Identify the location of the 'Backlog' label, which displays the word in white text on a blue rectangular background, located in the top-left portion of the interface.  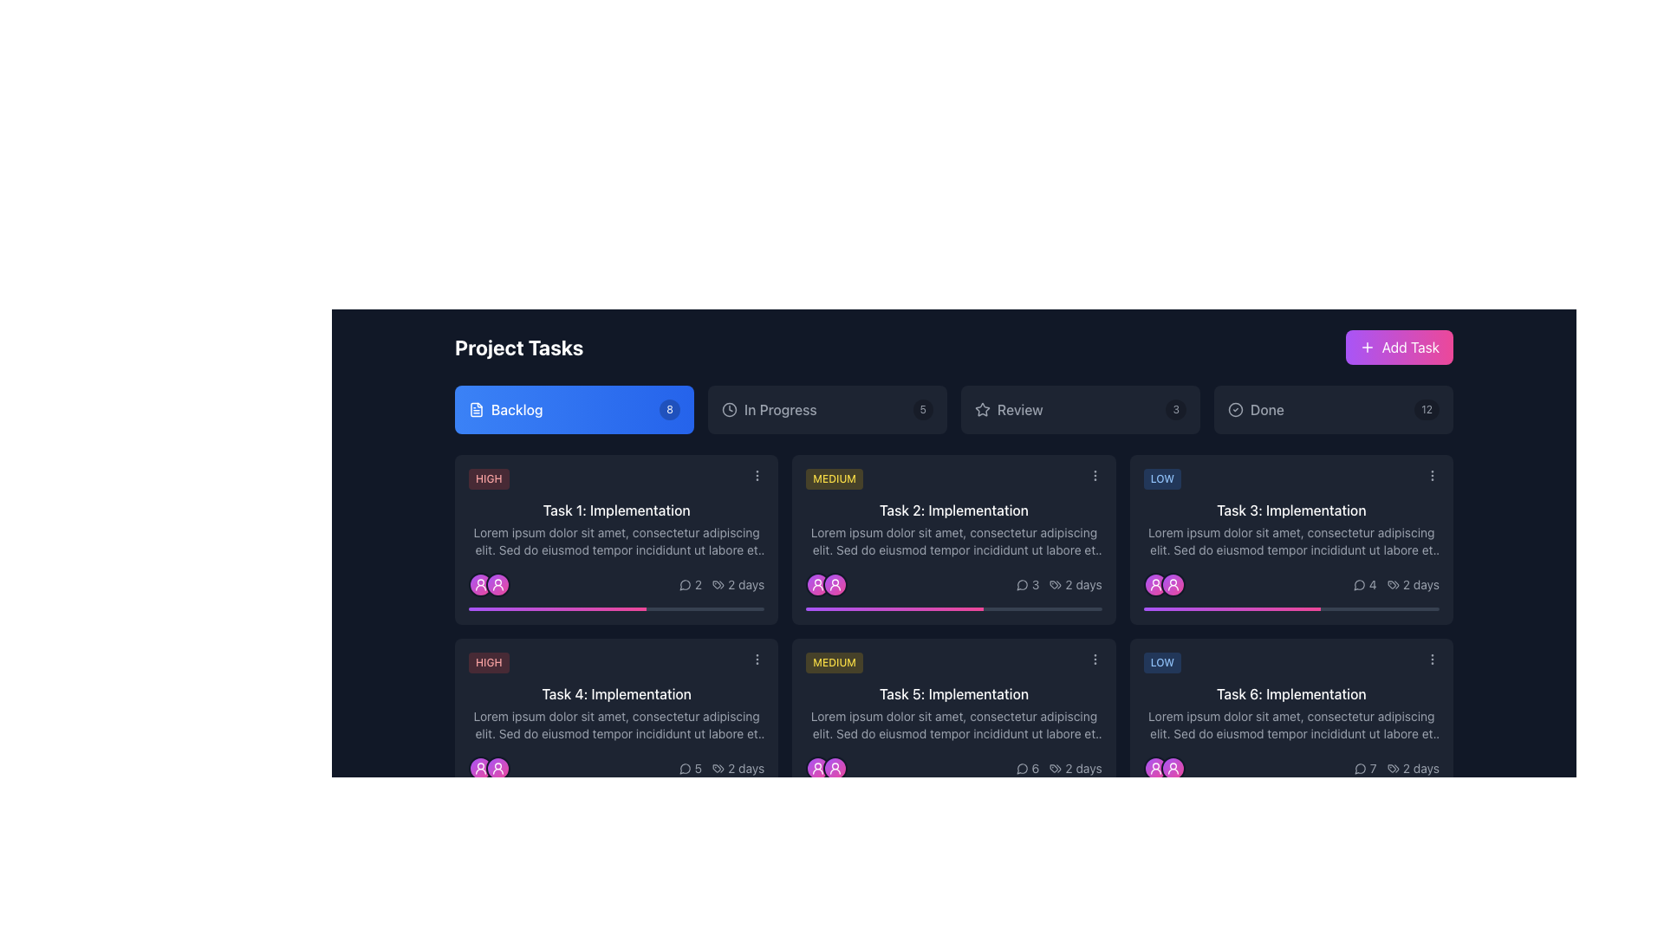
(516, 410).